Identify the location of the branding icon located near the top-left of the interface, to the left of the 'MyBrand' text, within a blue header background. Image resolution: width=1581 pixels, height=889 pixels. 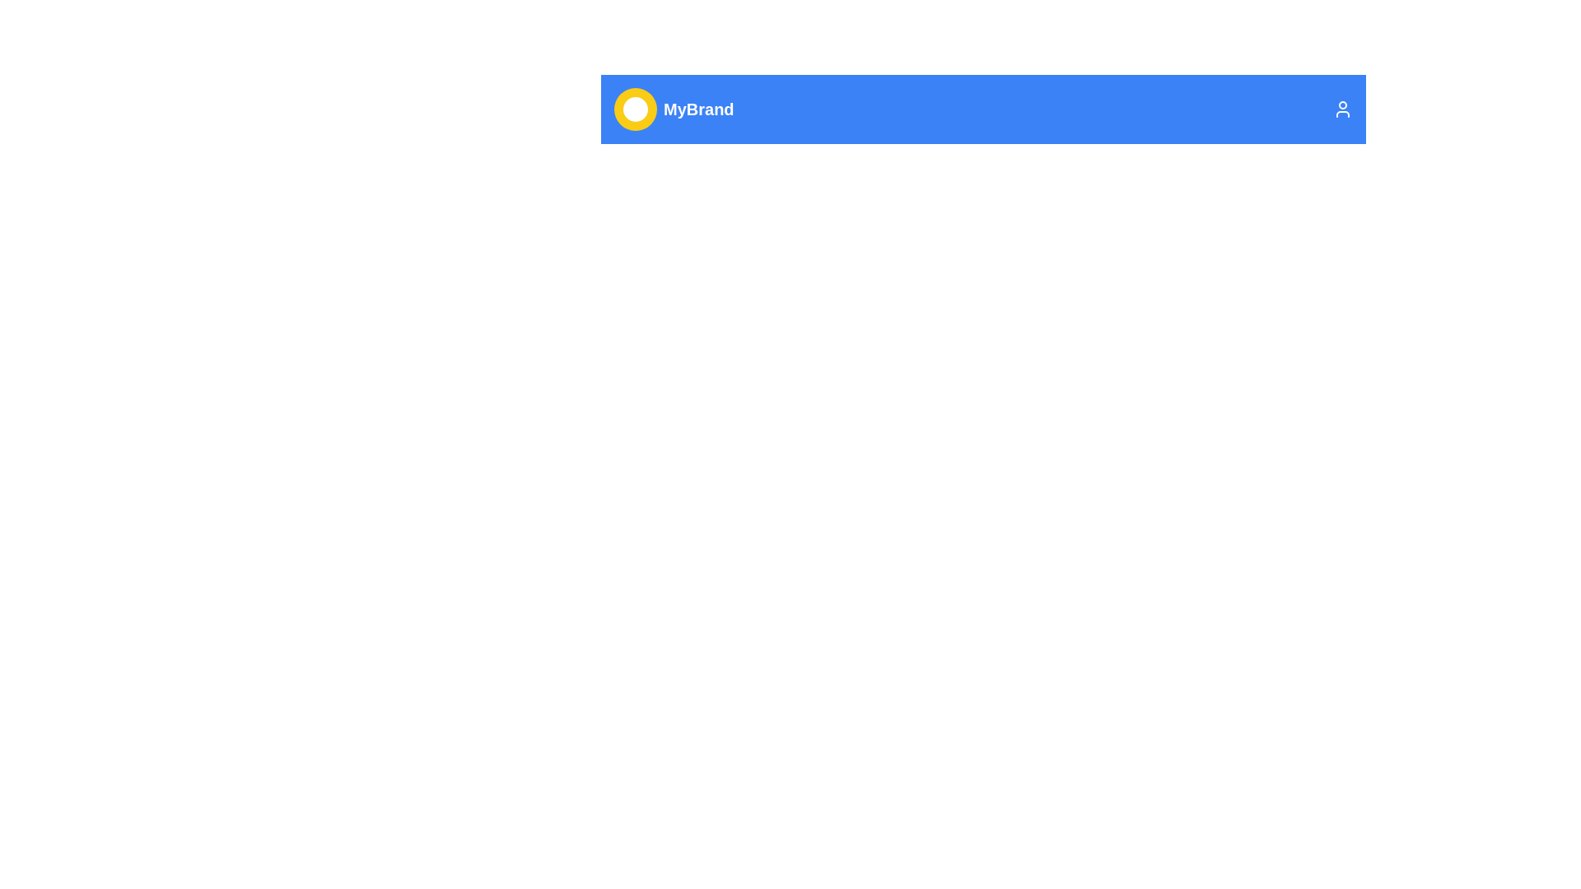
(635, 109).